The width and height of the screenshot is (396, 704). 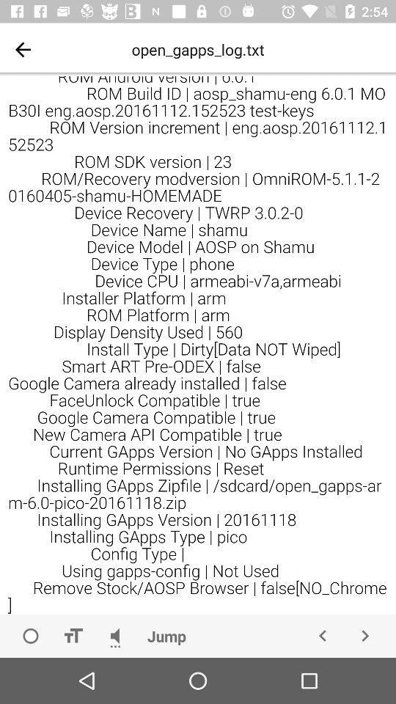 I want to click on highlight text, so click(x=72, y=635).